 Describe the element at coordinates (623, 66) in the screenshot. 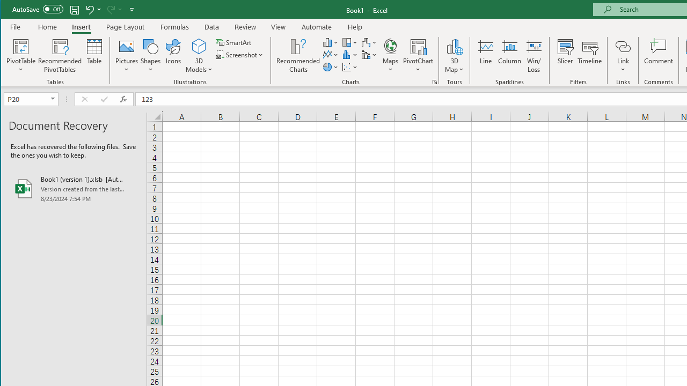

I see `'More Options'` at that location.